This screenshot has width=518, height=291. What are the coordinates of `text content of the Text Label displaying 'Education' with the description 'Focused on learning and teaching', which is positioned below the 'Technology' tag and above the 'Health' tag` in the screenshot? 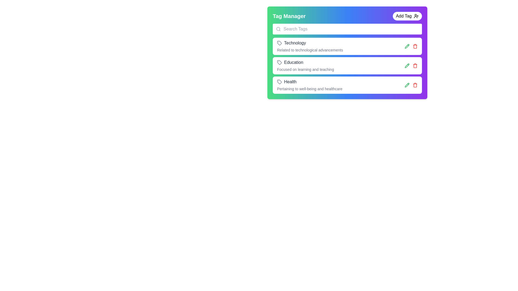 It's located at (305, 65).